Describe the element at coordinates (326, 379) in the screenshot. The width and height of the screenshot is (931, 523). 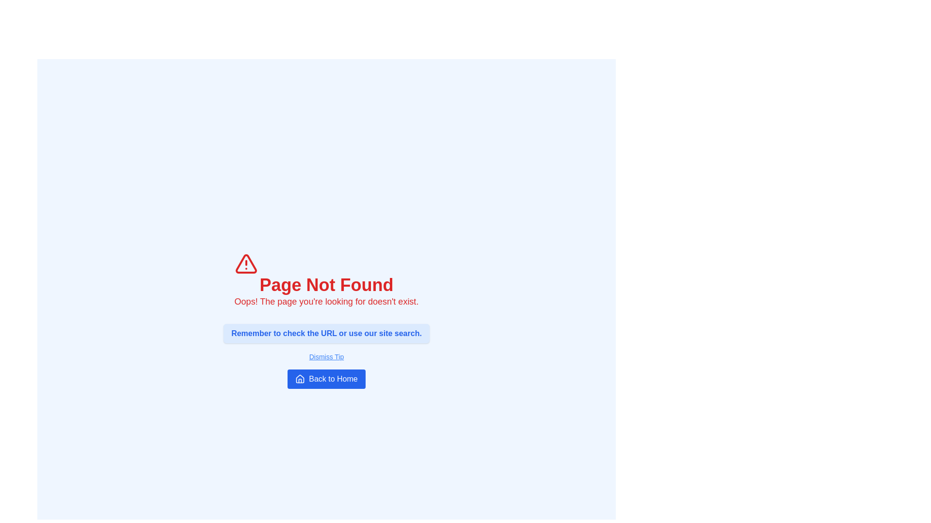
I see `the blue button labeled 'Back to Home' with a house icon` at that location.